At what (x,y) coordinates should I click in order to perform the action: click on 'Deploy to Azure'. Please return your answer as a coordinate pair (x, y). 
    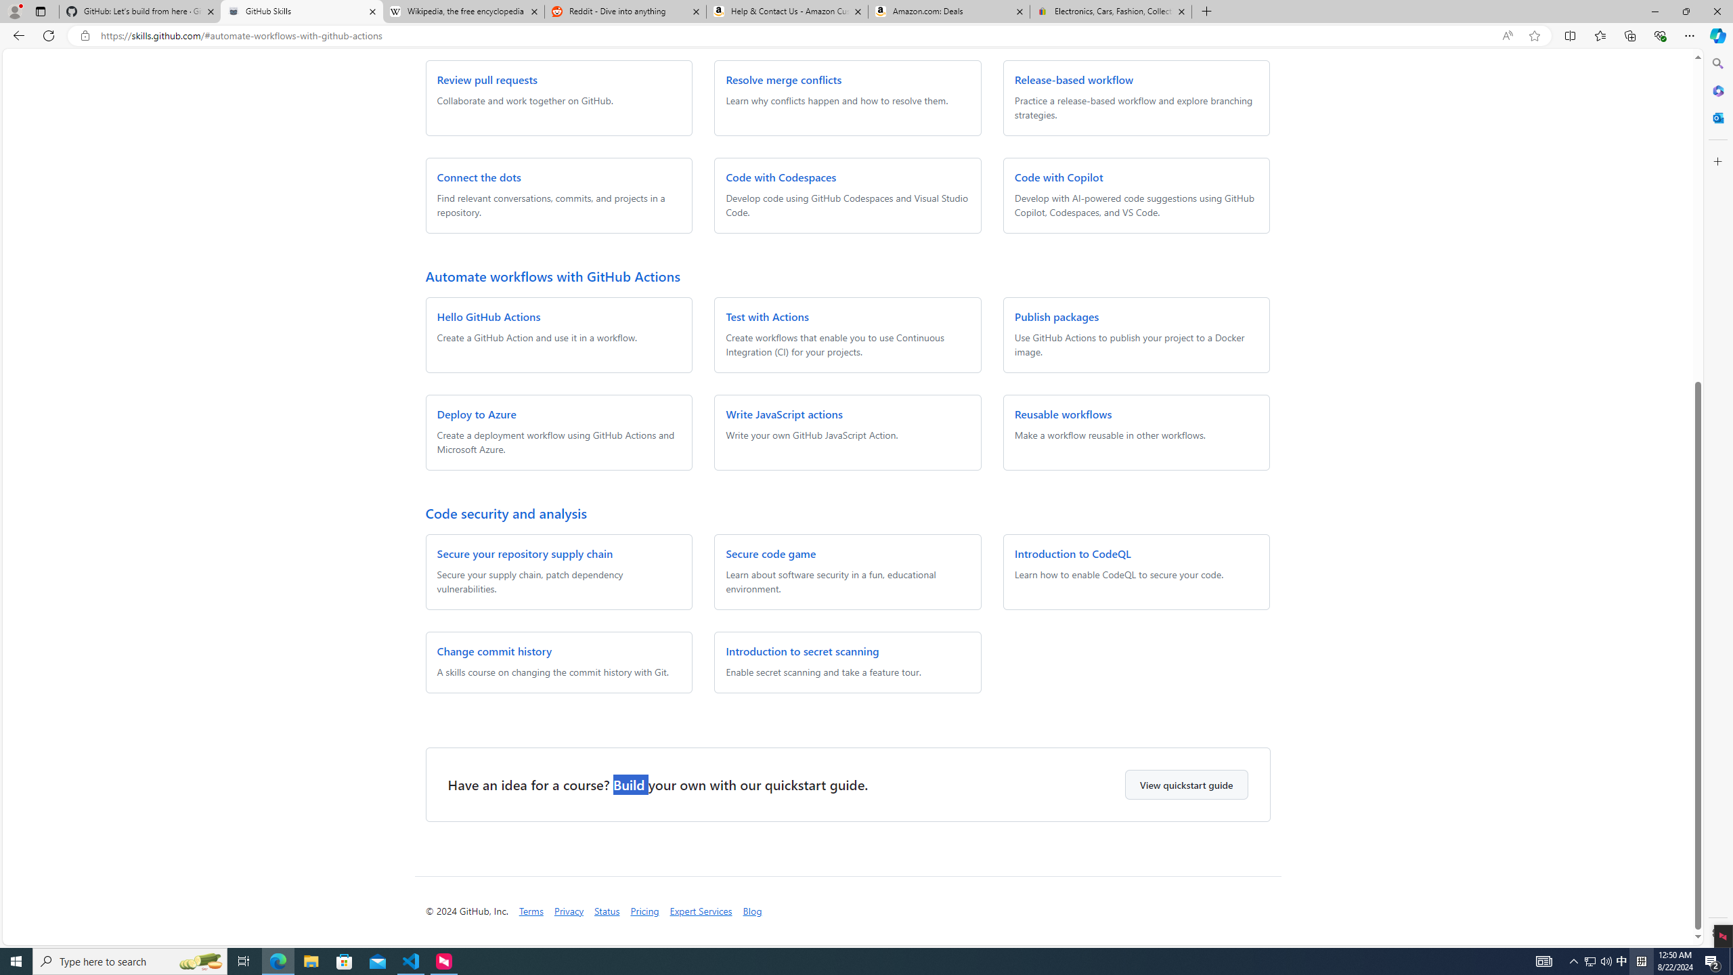
    Looking at the image, I should click on (477, 413).